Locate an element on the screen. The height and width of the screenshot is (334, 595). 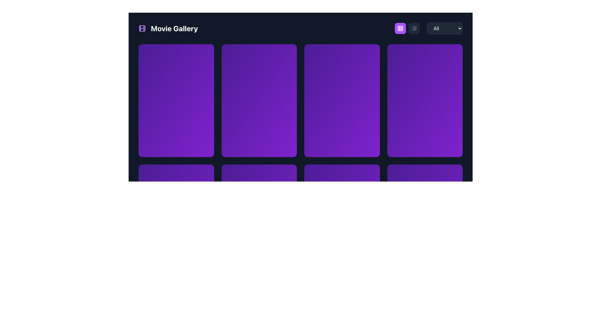
the top-left square of the grid view icon located at the top right of the interface is located at coordinates (400, 28).